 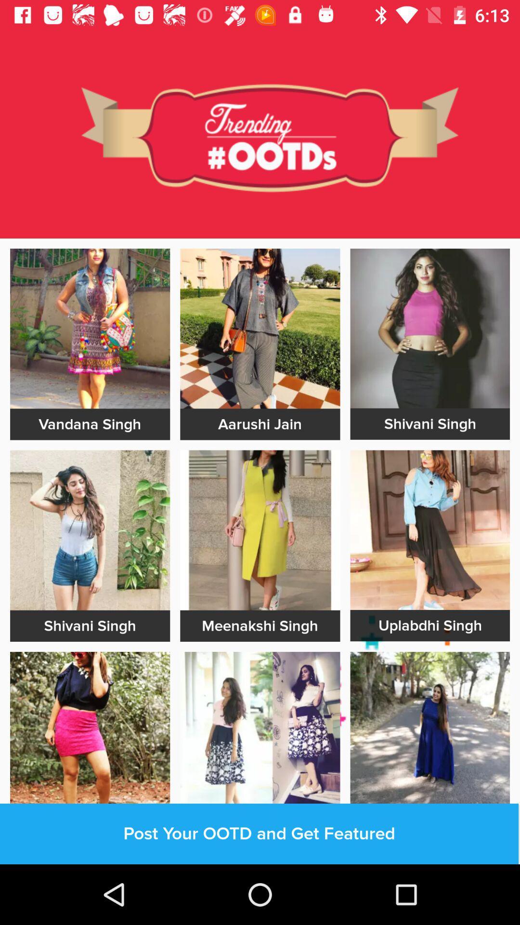 I want to click on advertisement page, so click(x=429, y=731).